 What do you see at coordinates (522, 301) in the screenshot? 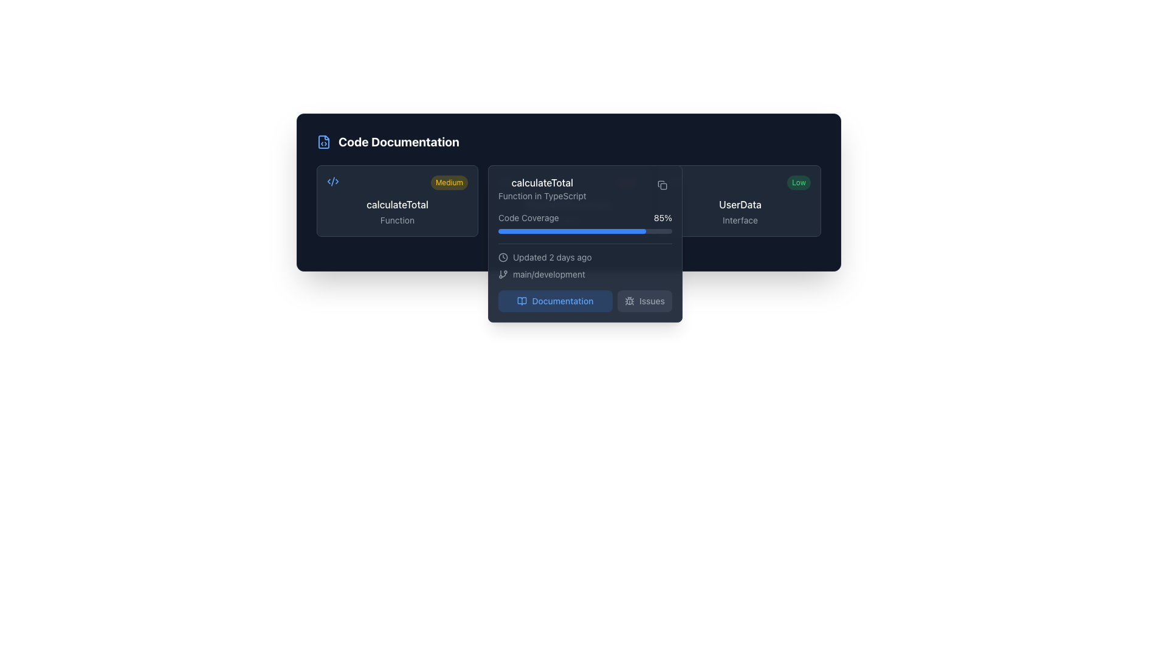
I see `the SVG icon styled as an open book, located in the top left corner of the context panel, above the 'Code Documentation' label` at bounding box center [522, 301].